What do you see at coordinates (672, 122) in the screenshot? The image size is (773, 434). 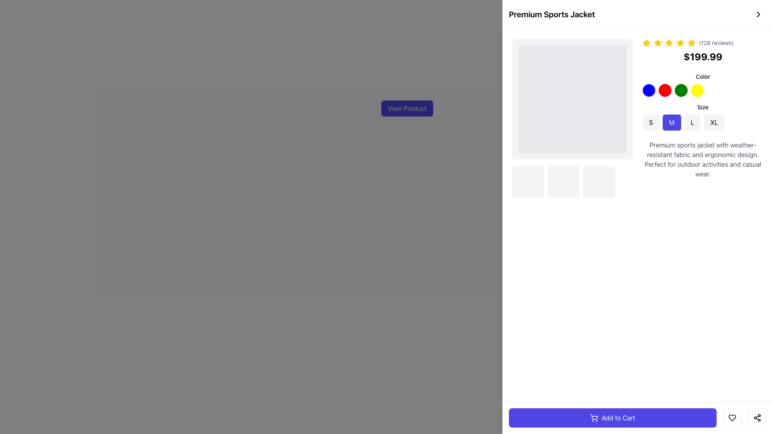 I see `the 'M' size button, which is a rectangular button with a bold white 'M' on a dark indigo background, located among a lineup of size selection options` at bounding box center [672, 122].